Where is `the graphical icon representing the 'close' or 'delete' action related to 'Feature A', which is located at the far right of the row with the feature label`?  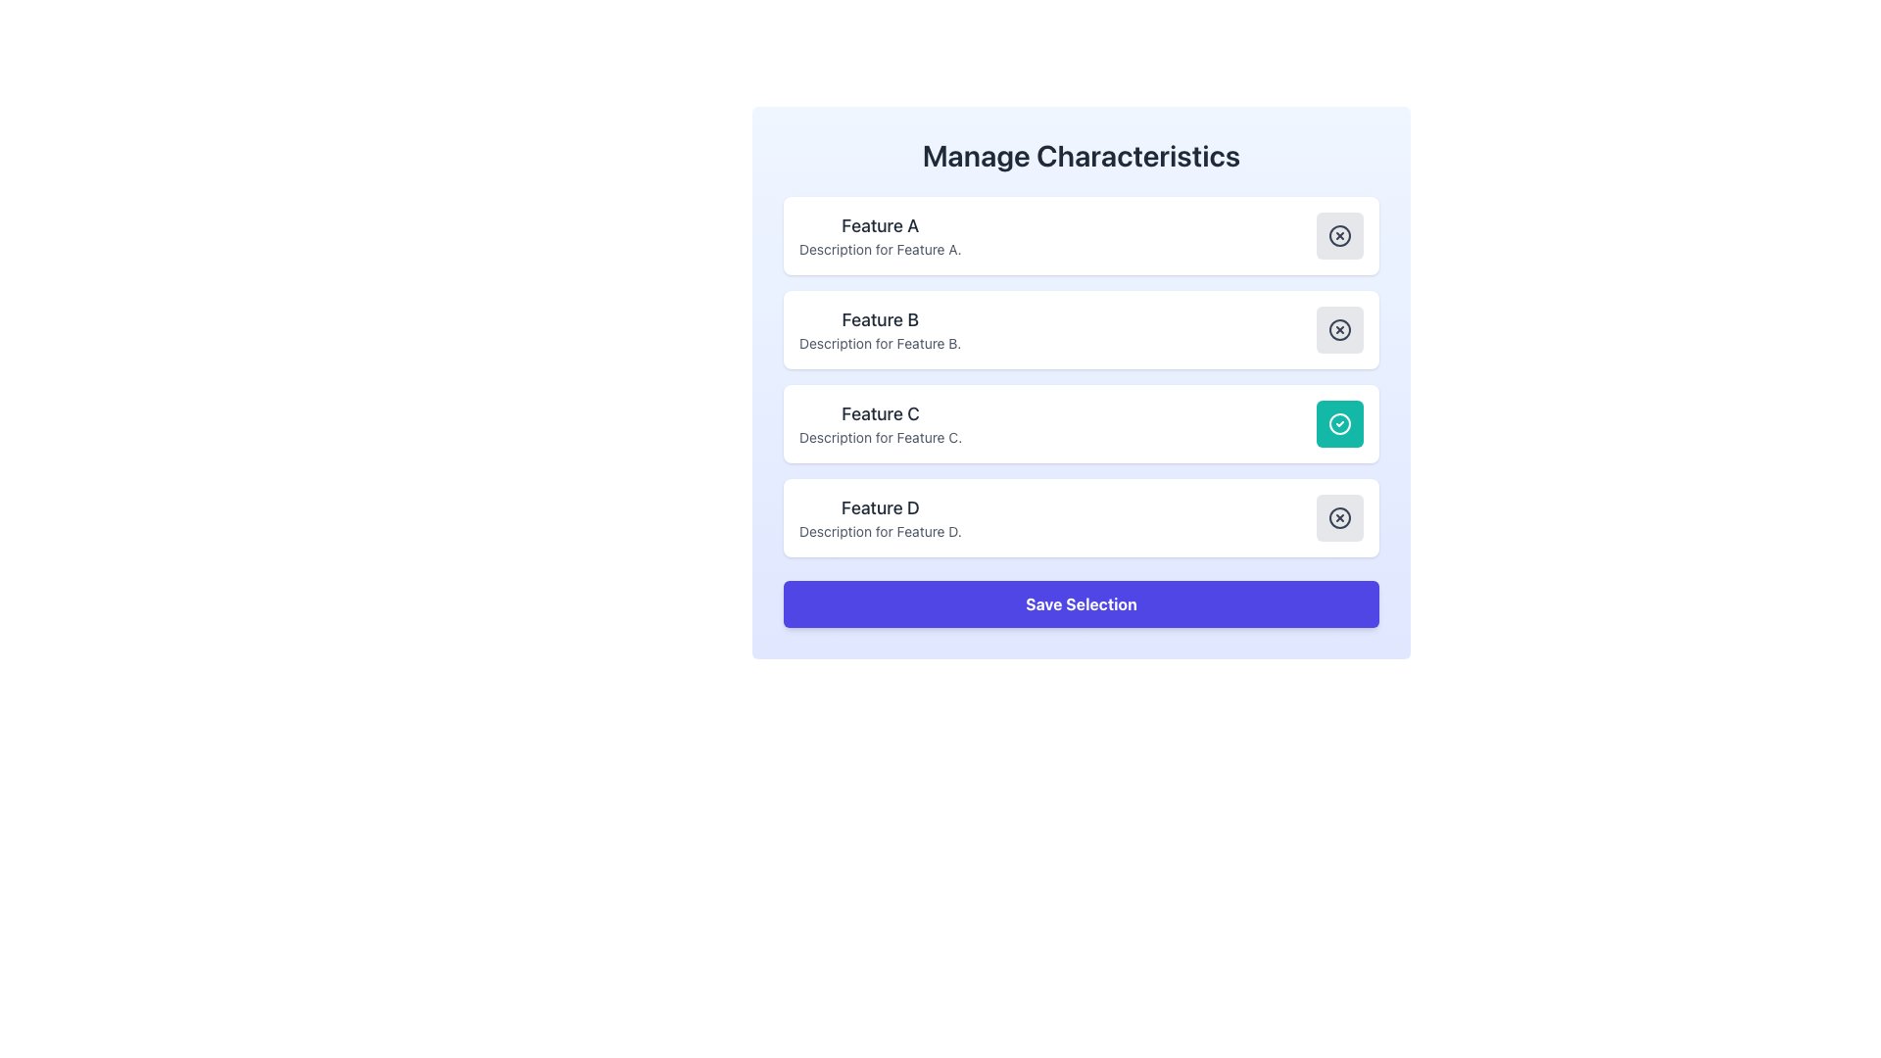 the graphical icon representing the 'close' or 'delete' action related to 'Feature A', which is located at the far right of the row with the feature label is located at coordinates (1339, 234).